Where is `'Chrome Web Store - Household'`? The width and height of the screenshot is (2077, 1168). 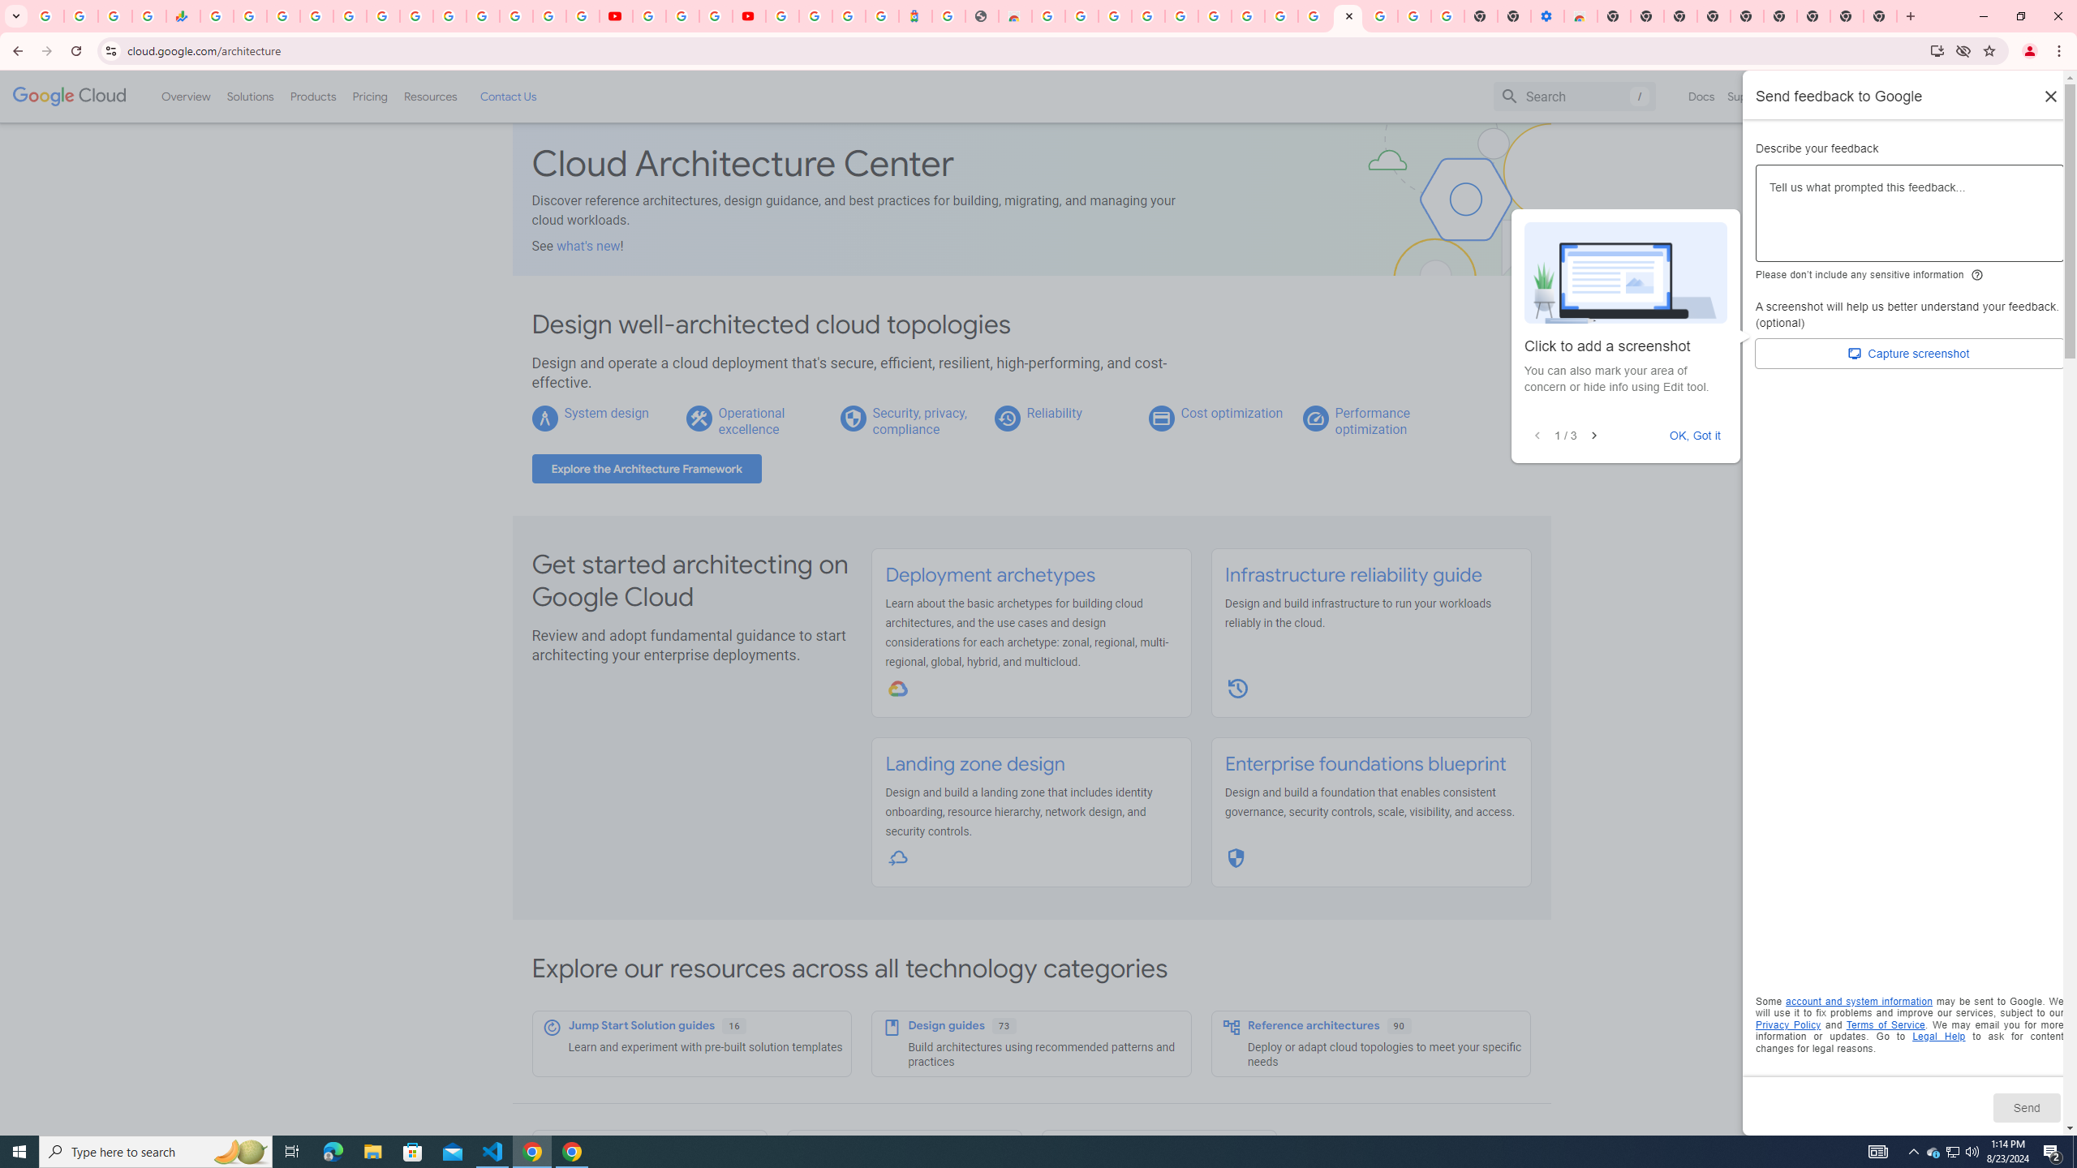
'Chrome Web Store - Household' is located at coordinates (1014, 15).